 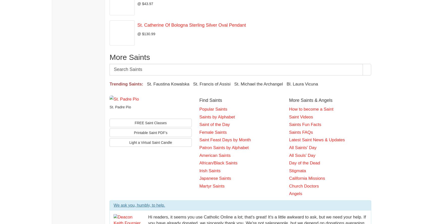 I want to click on 'We ask you, humbly, to help.', so click(x=139, y=205).